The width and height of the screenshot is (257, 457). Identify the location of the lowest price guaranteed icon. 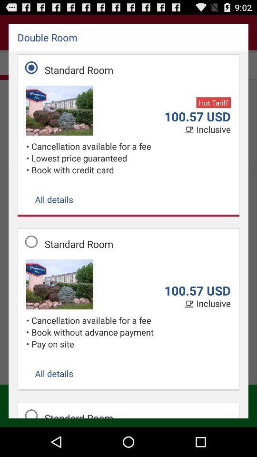
(130, 158).